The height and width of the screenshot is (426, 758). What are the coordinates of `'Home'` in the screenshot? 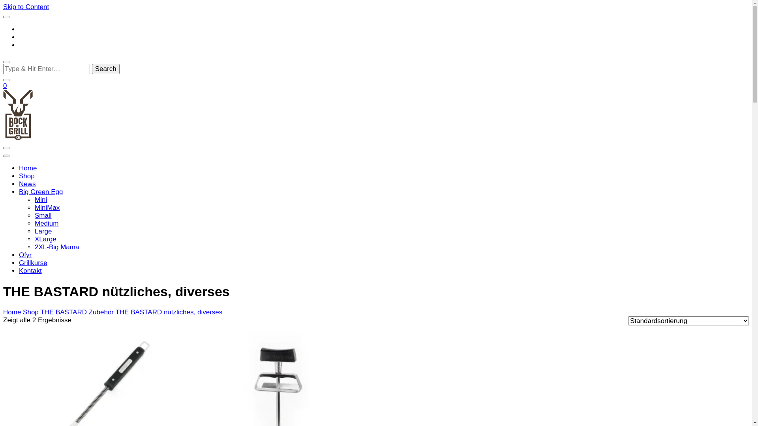 It's located at (28, 168).